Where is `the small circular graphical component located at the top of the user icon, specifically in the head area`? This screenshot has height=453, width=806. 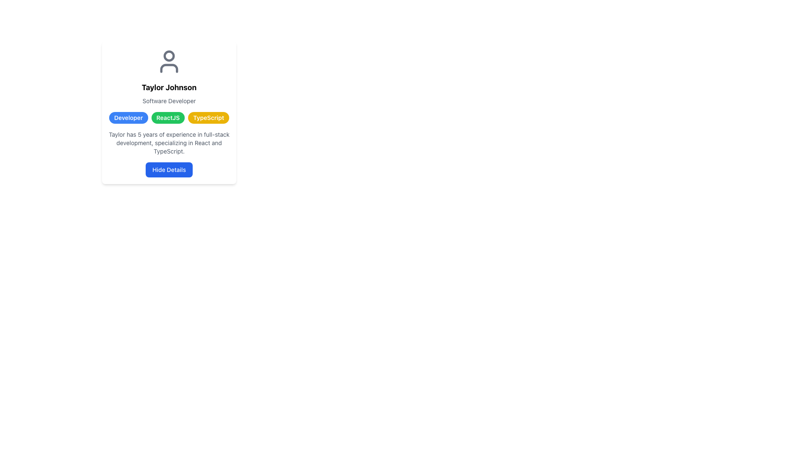 the small circular graphical component located at the top of the user icon, specifically in the head area is located at coordinates (169, 55).